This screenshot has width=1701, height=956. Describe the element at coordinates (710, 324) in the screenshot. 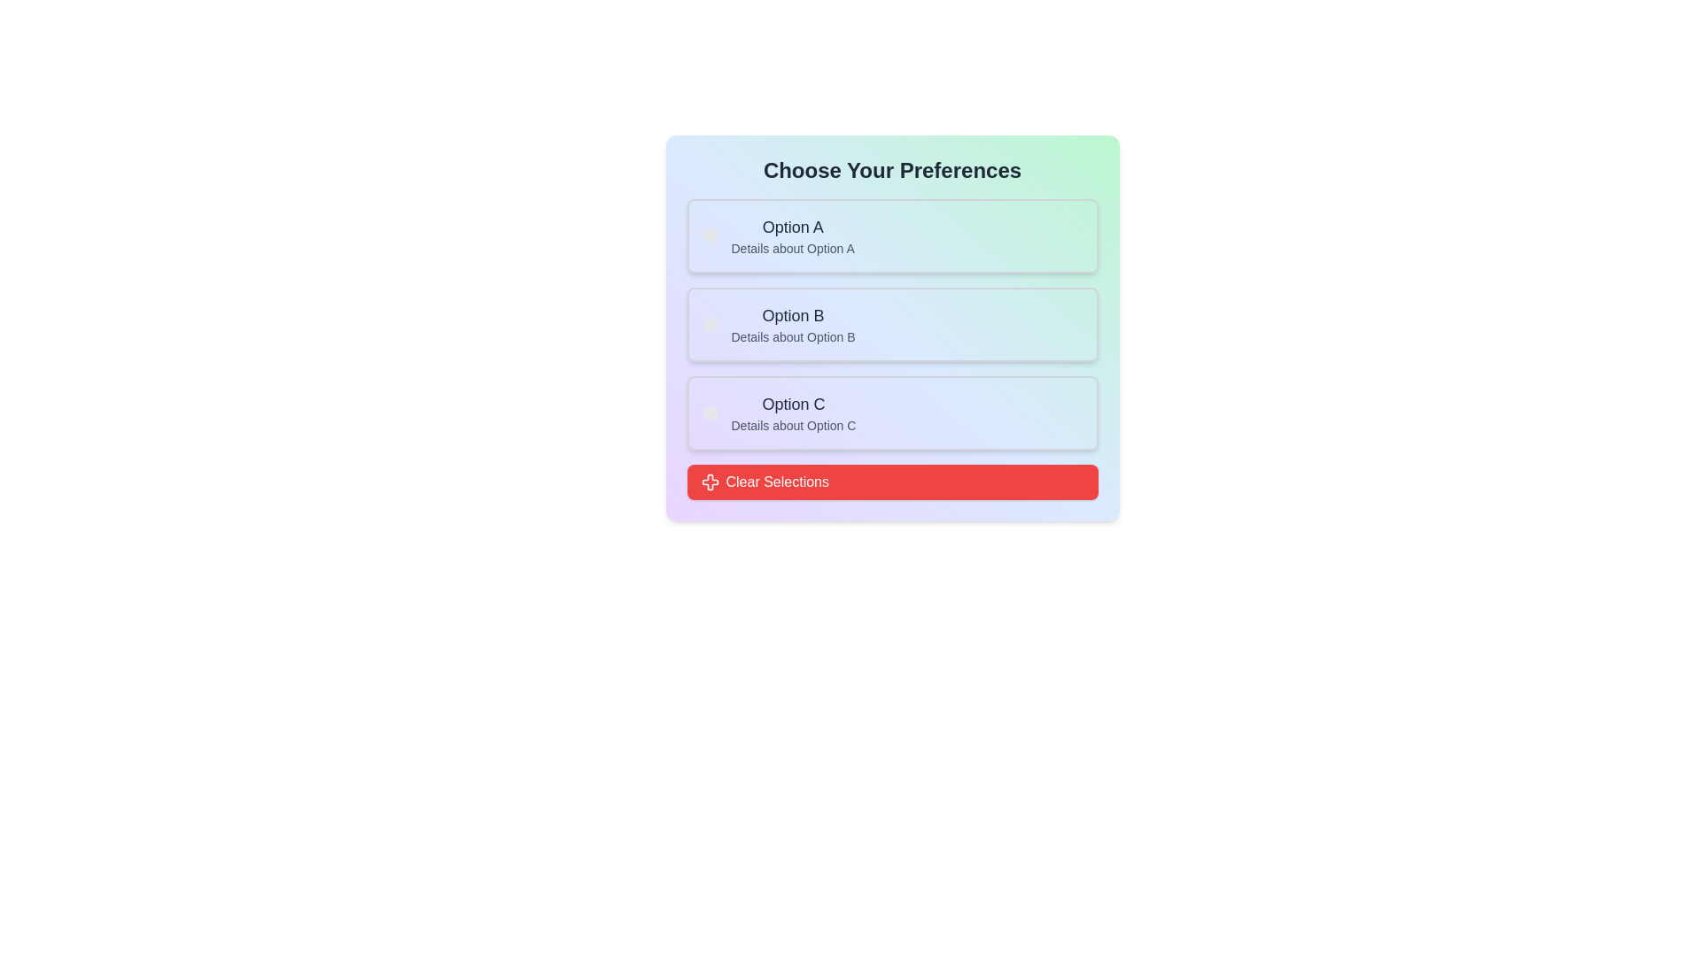

I see `the small, circular decorative or status indicator located to the left of 'Option B' and 'Details about Option B'` at that location.